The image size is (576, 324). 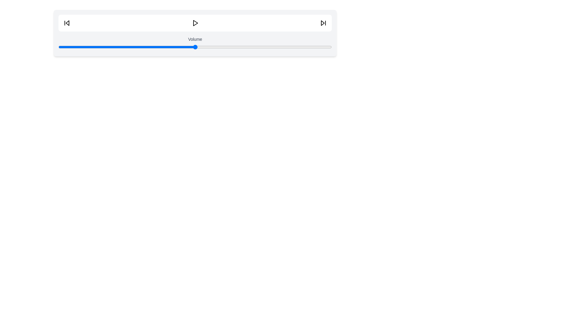 I want to click on the playback control bar located near the top section of the application interface, so click(x=195, y=23).